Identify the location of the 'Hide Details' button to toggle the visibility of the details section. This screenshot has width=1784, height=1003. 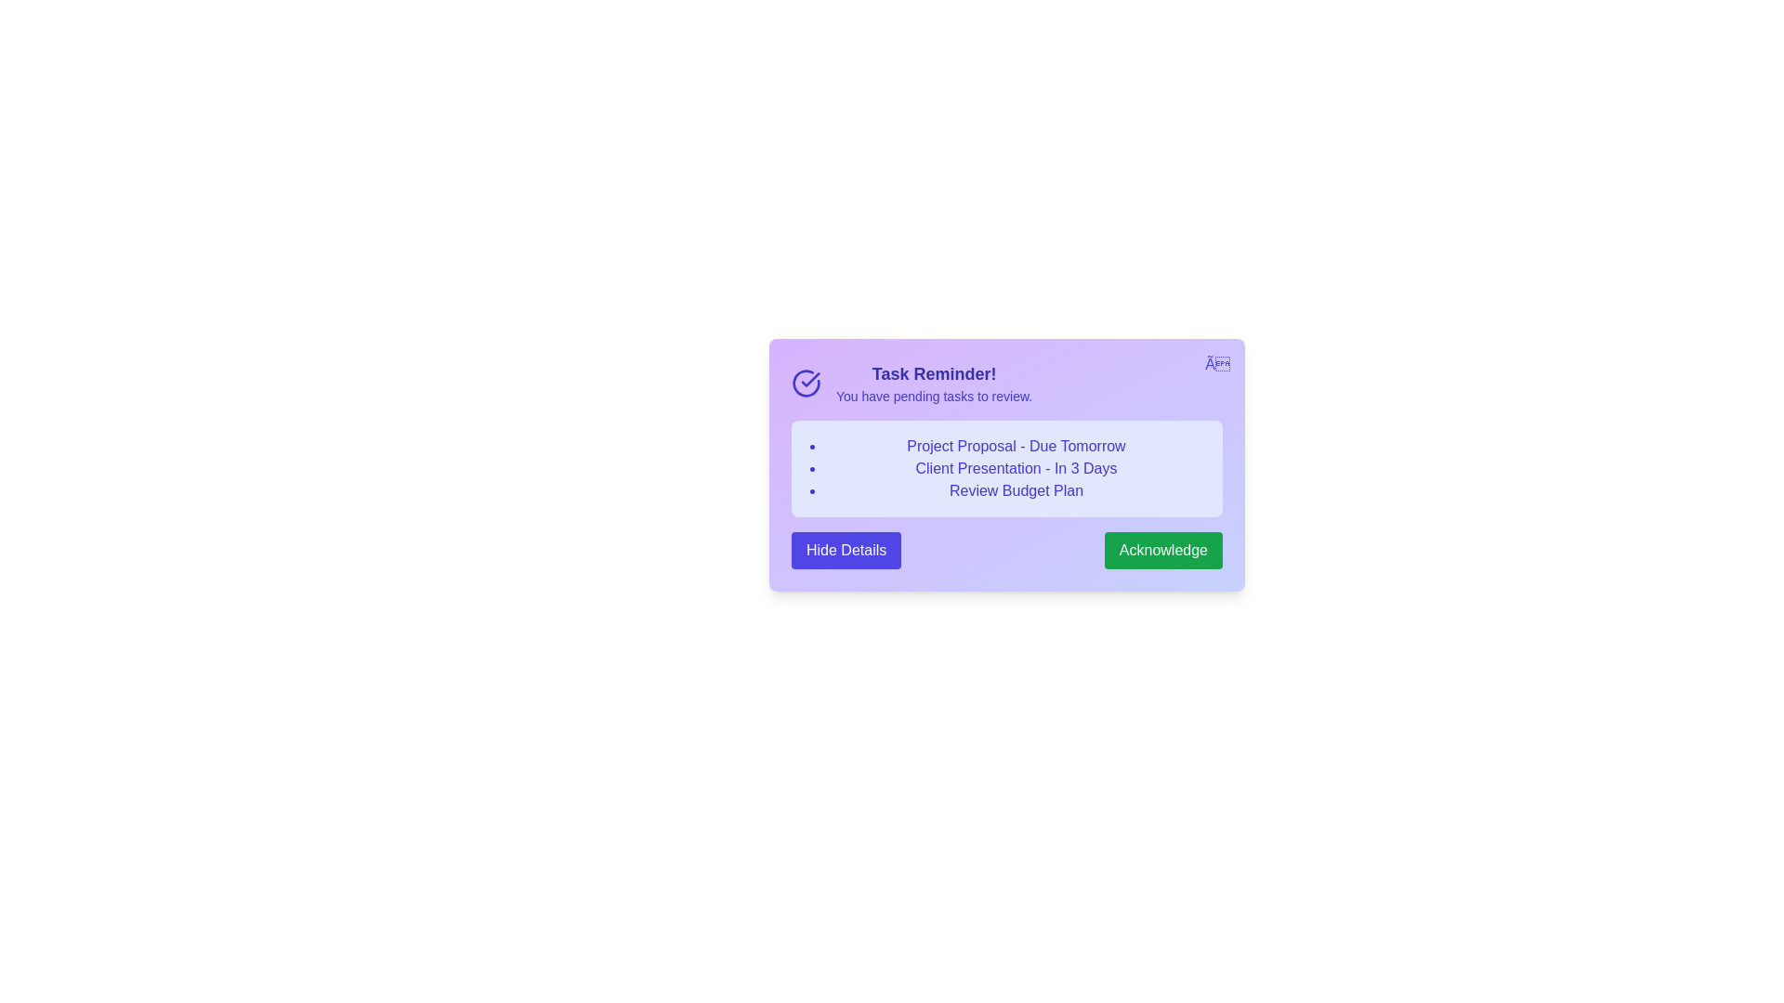
(846, 550).